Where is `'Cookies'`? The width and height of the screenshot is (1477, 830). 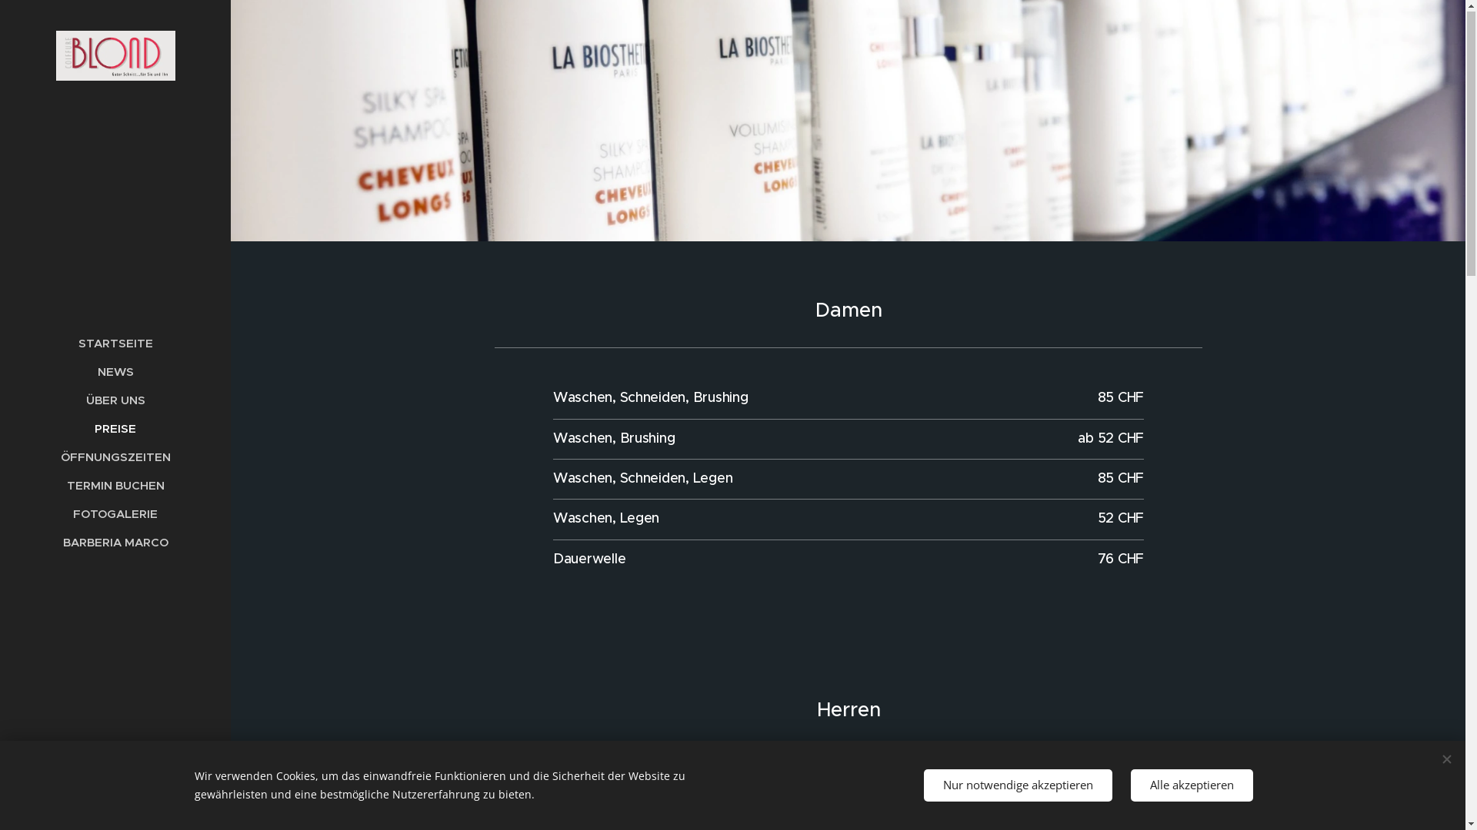 'Cookies' is located at coordinates (114, 805).